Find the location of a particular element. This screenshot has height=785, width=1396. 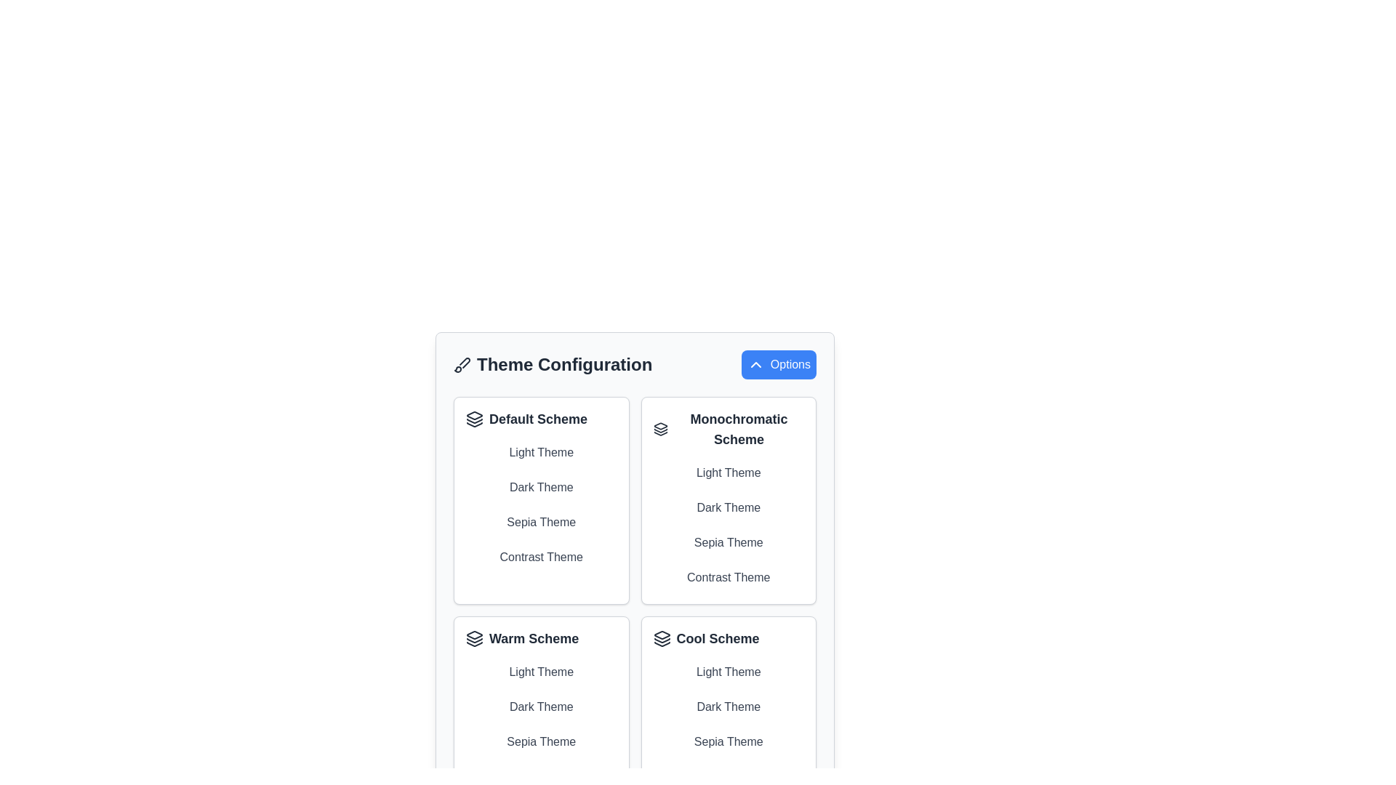

the 'Monochromatic Scheme' Text Header with Icon for additional information is located at coordinates (729, 428).